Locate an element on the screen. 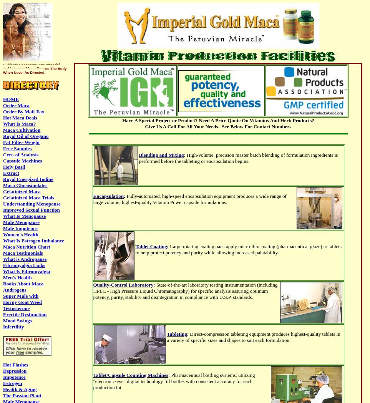  'Super Male with' is located at coordinates (21, 296).